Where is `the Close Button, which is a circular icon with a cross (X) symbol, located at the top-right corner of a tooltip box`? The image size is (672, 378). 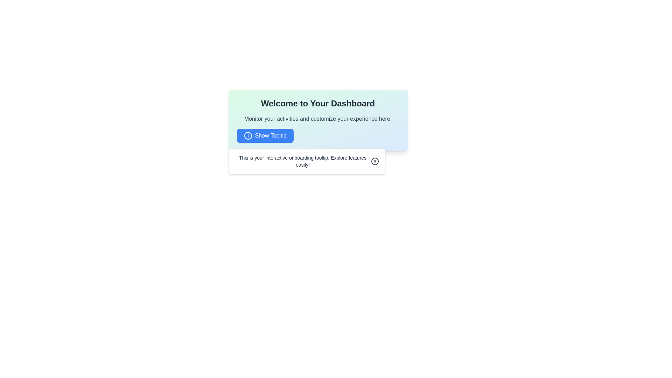
the Close Button, which is a circular icon with a cross (X) symbol, located at the top-right corner of a tooltip box is located at coordinates (374, 161).